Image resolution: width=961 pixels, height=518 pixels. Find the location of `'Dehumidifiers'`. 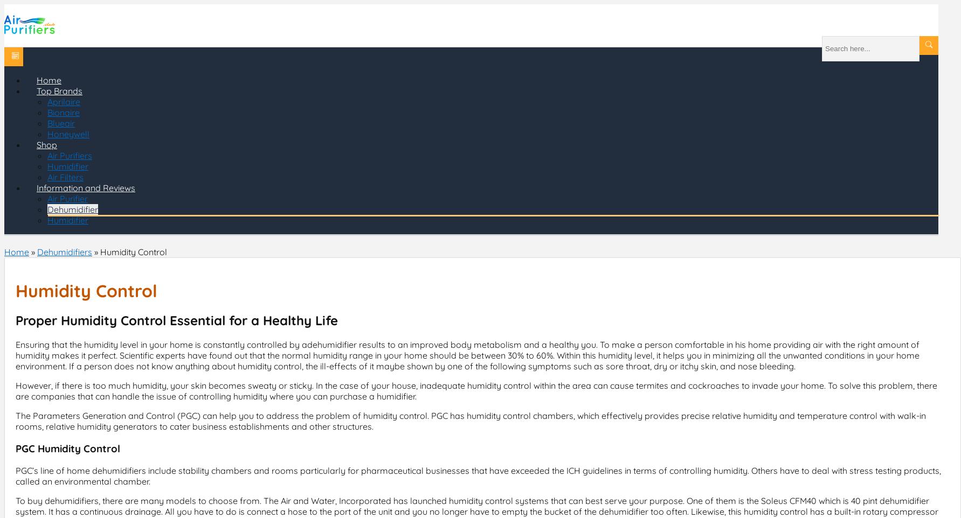

'Dehumidifiers' is located at coordinates (64, 252).